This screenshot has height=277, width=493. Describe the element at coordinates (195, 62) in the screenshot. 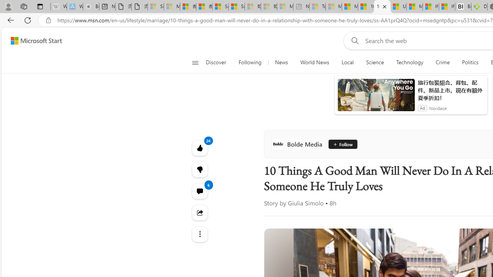

I see `'Class: button-glyph'` at that location.